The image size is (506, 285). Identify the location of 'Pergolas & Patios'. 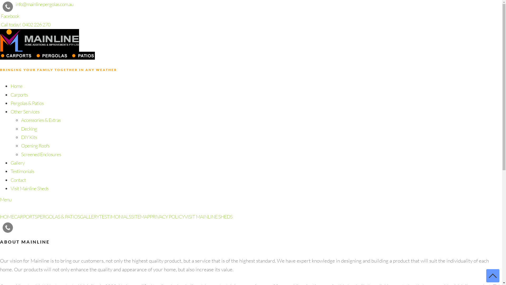
(27, 103).